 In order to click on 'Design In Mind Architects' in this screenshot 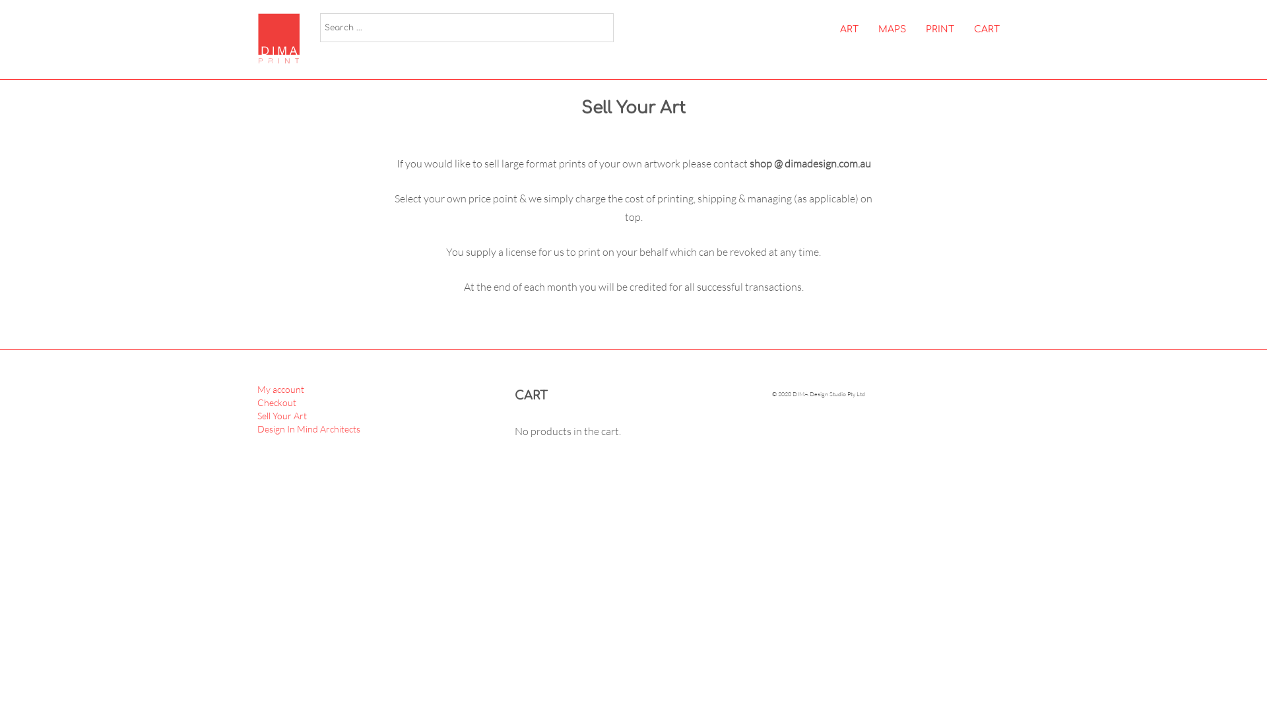, I will do `click(308, 429)`.